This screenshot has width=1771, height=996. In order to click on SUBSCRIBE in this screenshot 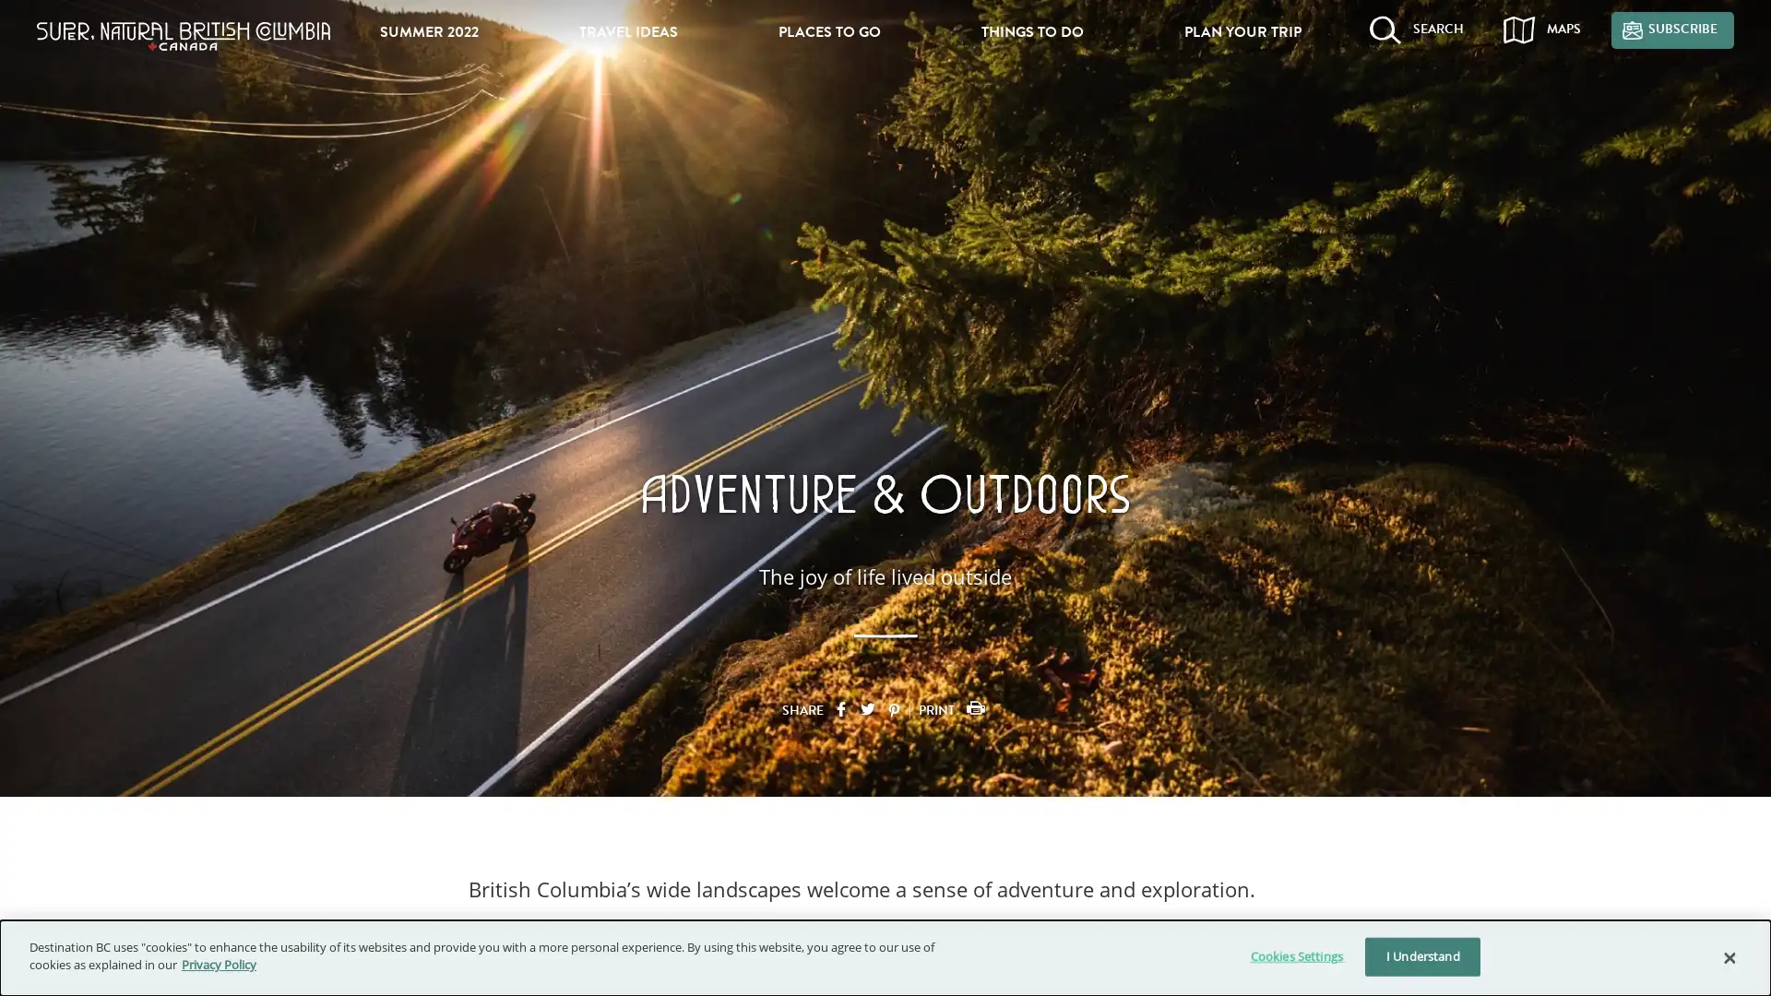, I will do `click(1672, 30)`.